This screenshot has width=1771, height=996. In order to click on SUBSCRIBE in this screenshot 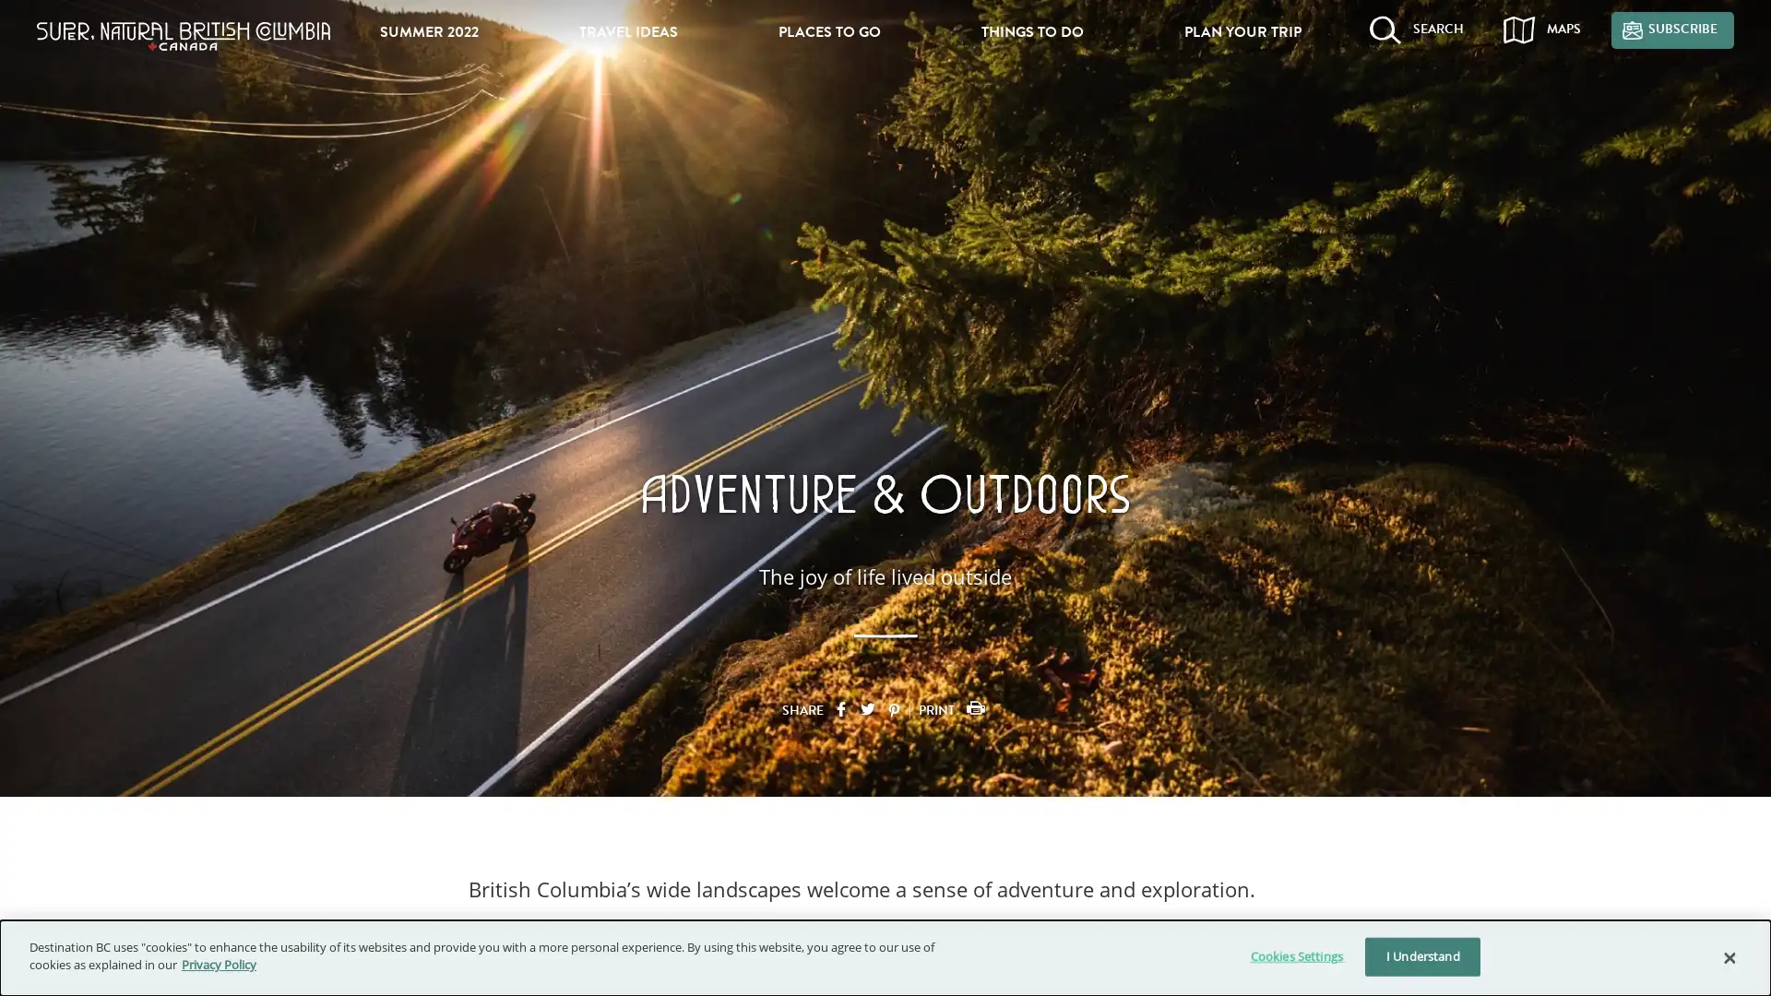, I will do `click(1672, 30)`.